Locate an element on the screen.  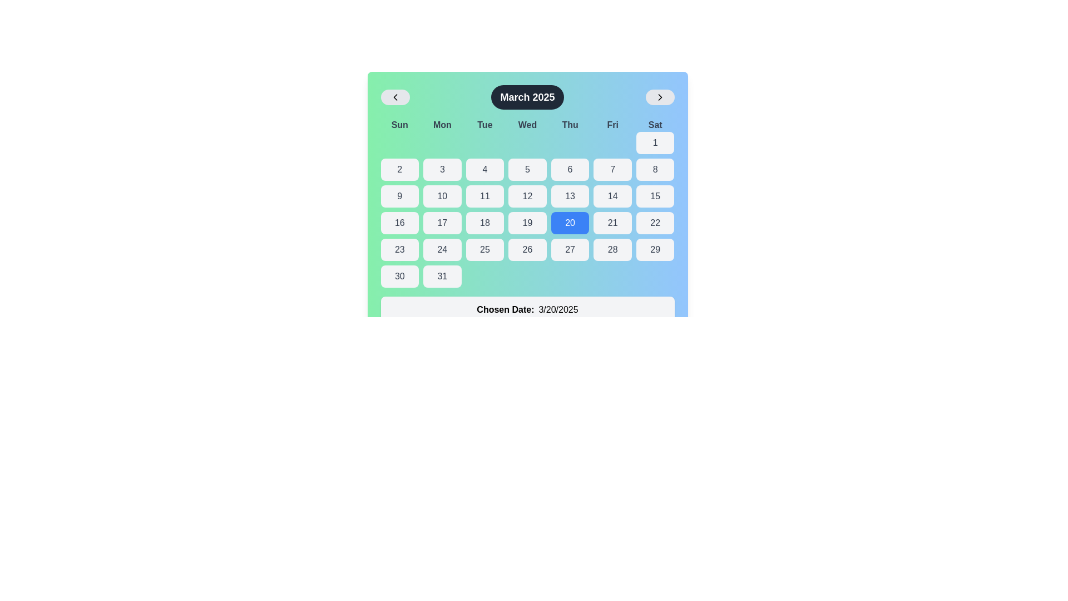
displayed date '3/20/2025' from the Text Display located to the right of the label 'Chosen Date:' in the bottom section of the calendar panel is located at coordinates (558, 309).